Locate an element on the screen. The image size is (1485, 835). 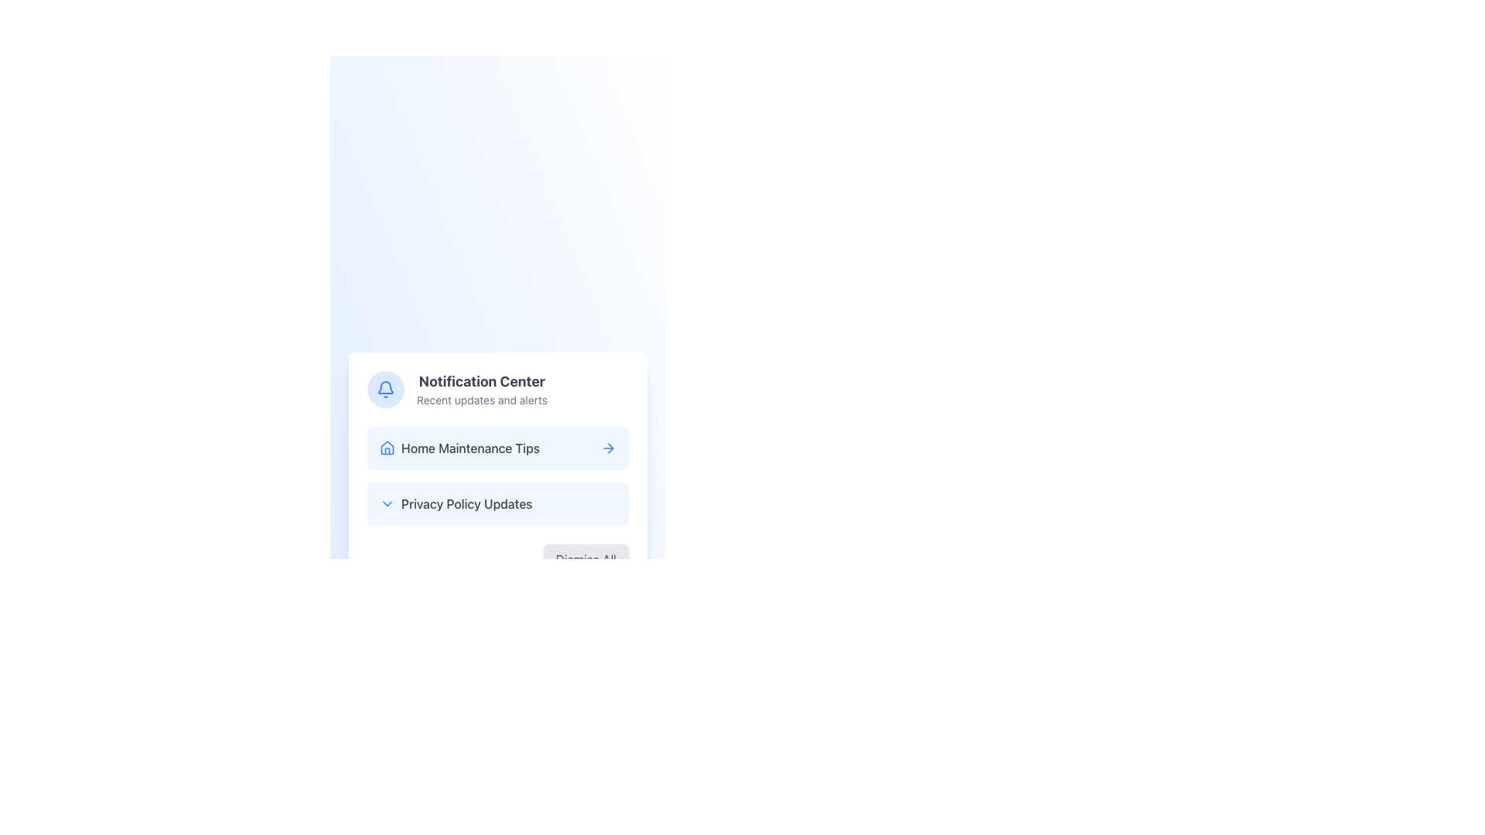
the Text Label that serves as a title for the notifications and updates section, located at the top-left area of the notification panel is located at coordinates (481, 381).